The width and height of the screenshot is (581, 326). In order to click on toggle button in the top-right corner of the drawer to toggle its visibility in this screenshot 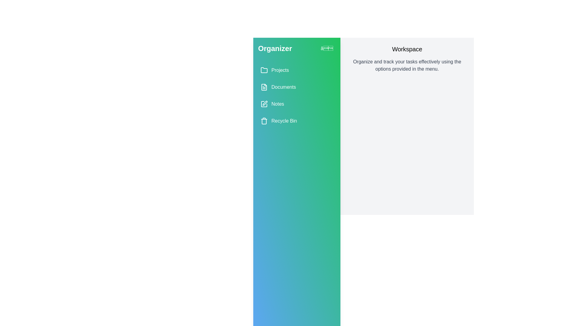, I will do `click(327, 48)`.